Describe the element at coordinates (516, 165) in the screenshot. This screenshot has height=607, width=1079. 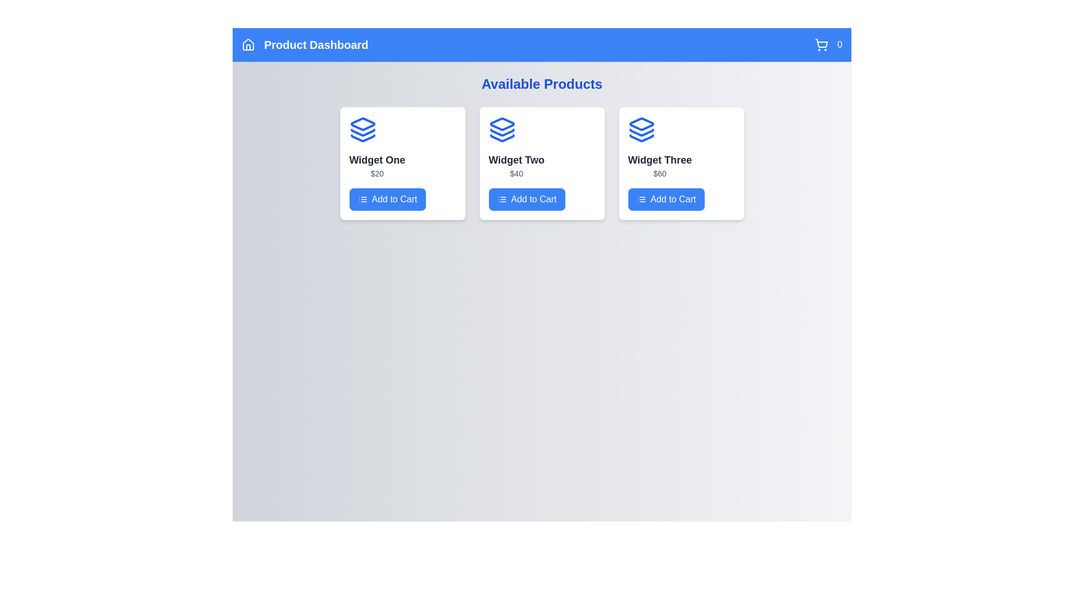
I see `the static text element that displays the product name and price, located in the center column of the product card, between the layers icon and the 'Add to Cart' button to focus on it` at that location.